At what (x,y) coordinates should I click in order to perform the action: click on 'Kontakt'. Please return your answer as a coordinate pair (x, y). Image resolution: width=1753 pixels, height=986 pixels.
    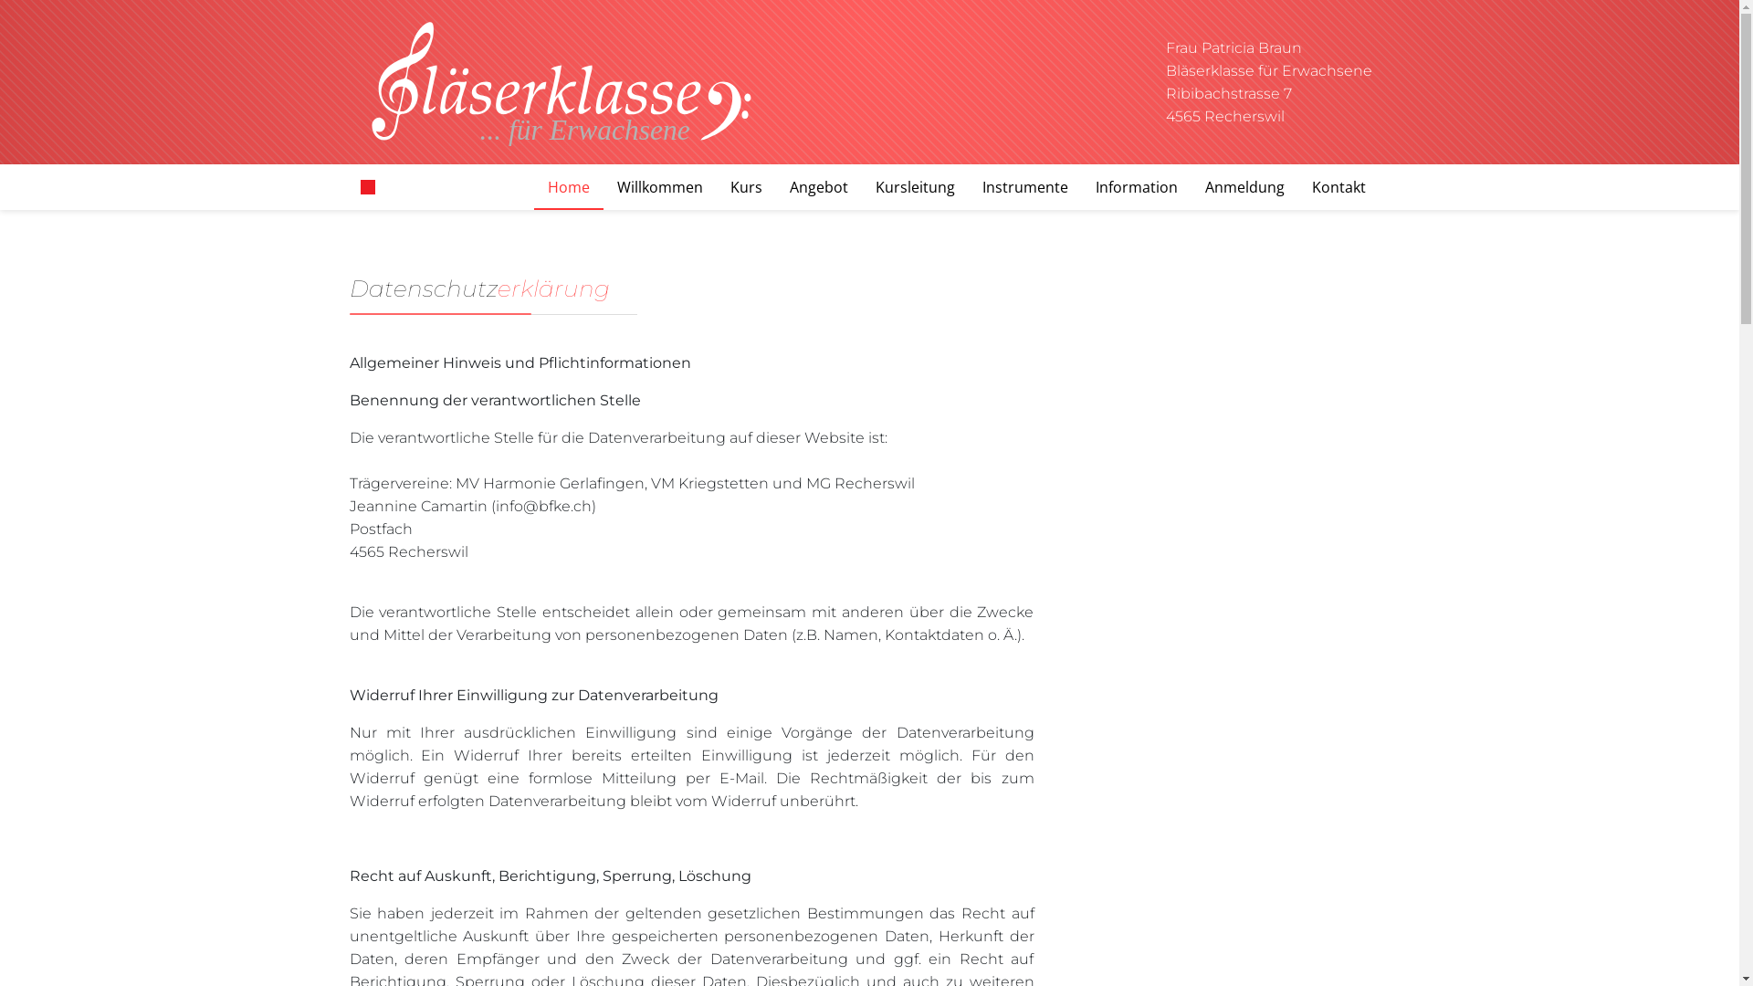
    Looking at the image, I should click on (1338, 186).